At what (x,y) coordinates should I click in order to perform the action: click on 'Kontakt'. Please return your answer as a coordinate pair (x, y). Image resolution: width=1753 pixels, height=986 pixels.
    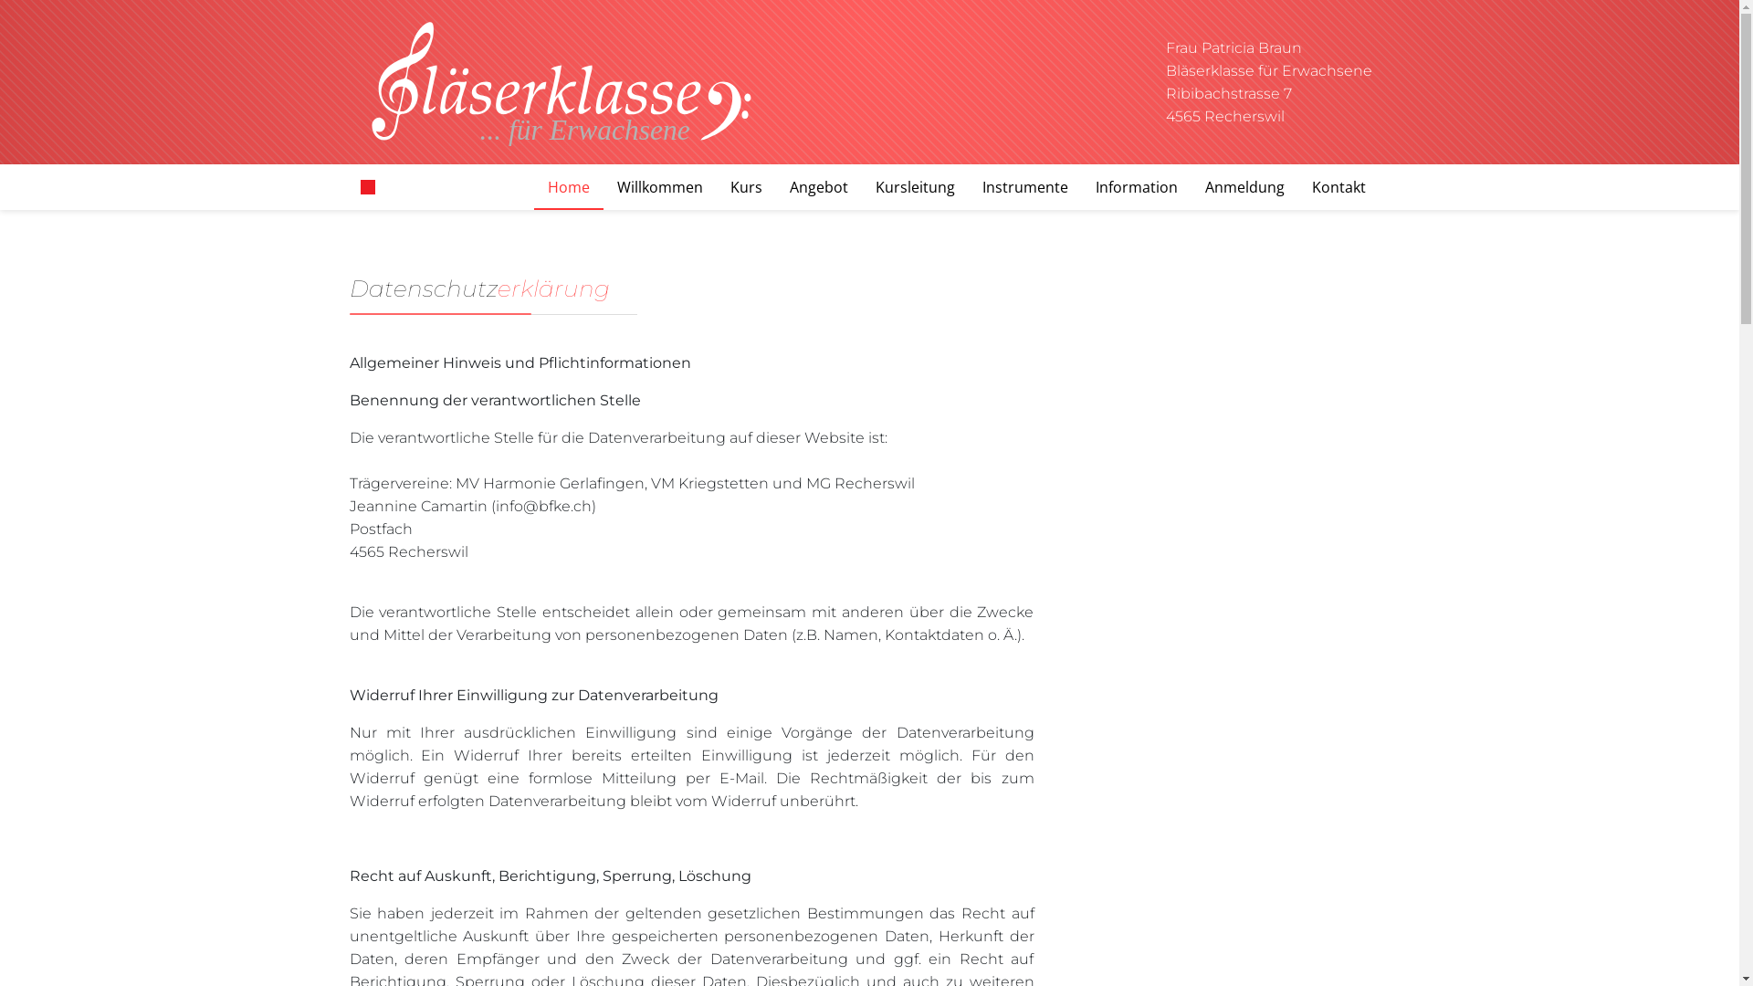
    Looking at the image, I should click on (1338, 186).